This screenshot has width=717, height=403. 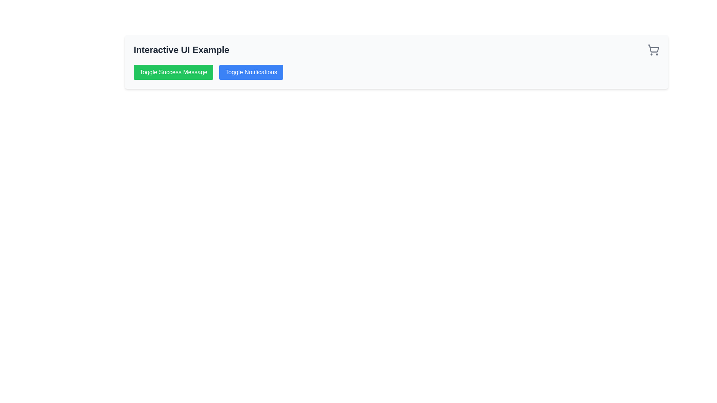 What do you see at coordinates (653, 49) in the screenshot?
I see `the shopping cart icon located in the top-right corner of the interface, which is part of the larger shopping cart element with wheels` at bounding box center [653, 49].